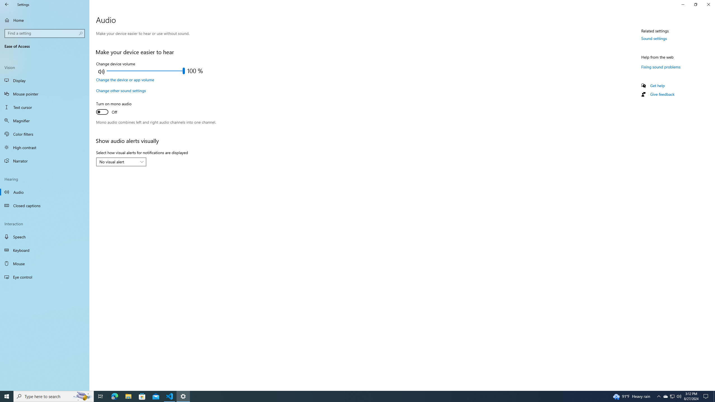 Image resolution: width=715 pixels, height=402 pixels. Describe the element at coordinates (45, 33) in the screenshot. I see `'Search box, Find a setting'` at that location.